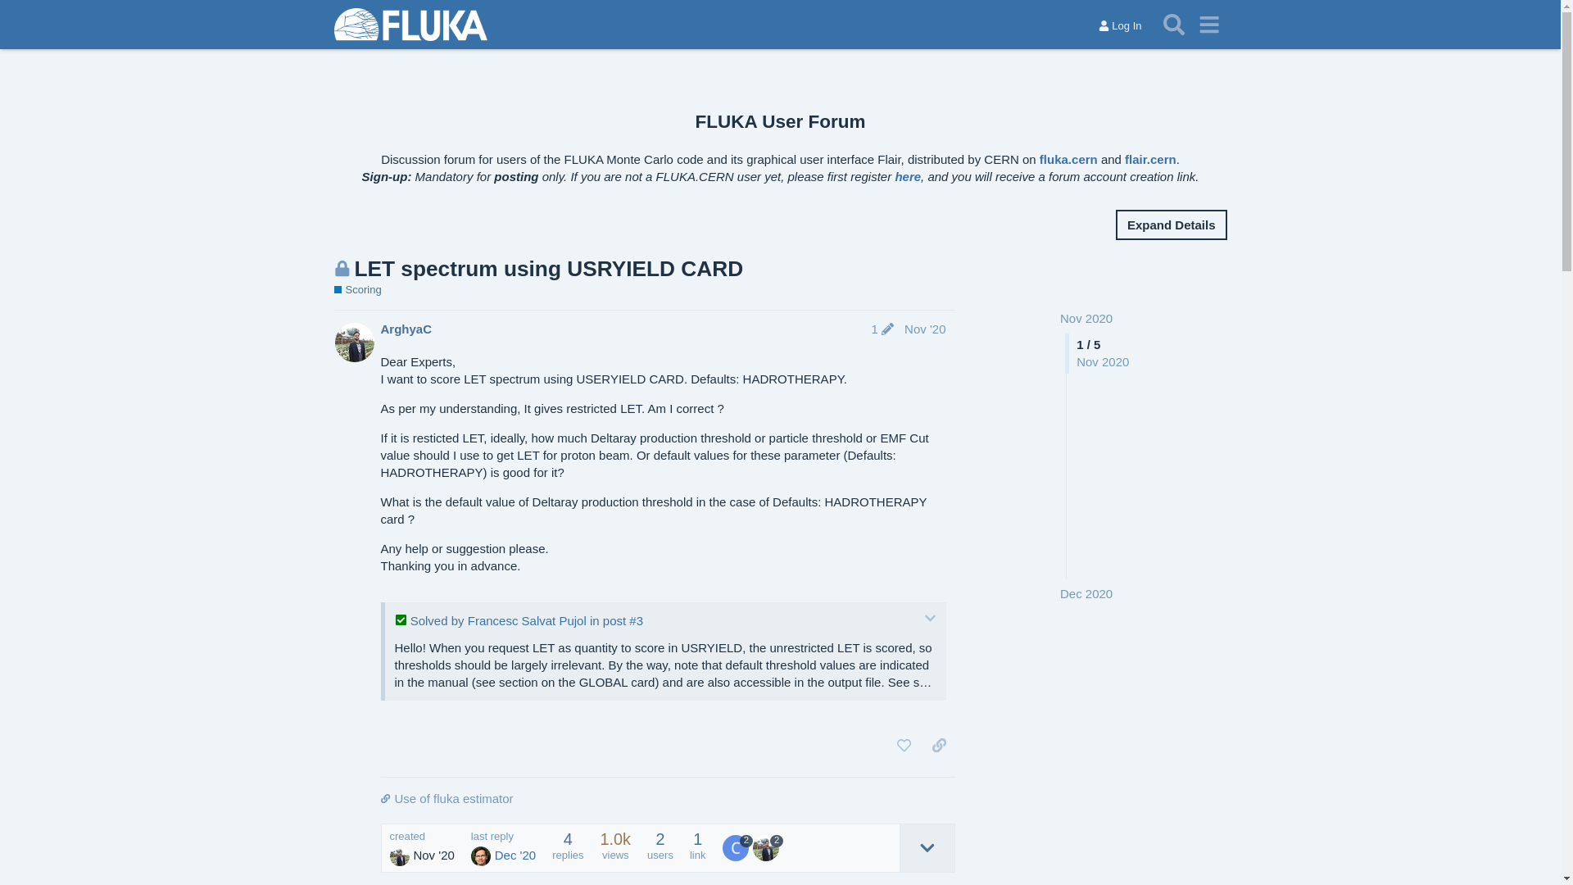  I want to click on 'This topic is closed; it no longer accepts new replies', so click(341, 267).